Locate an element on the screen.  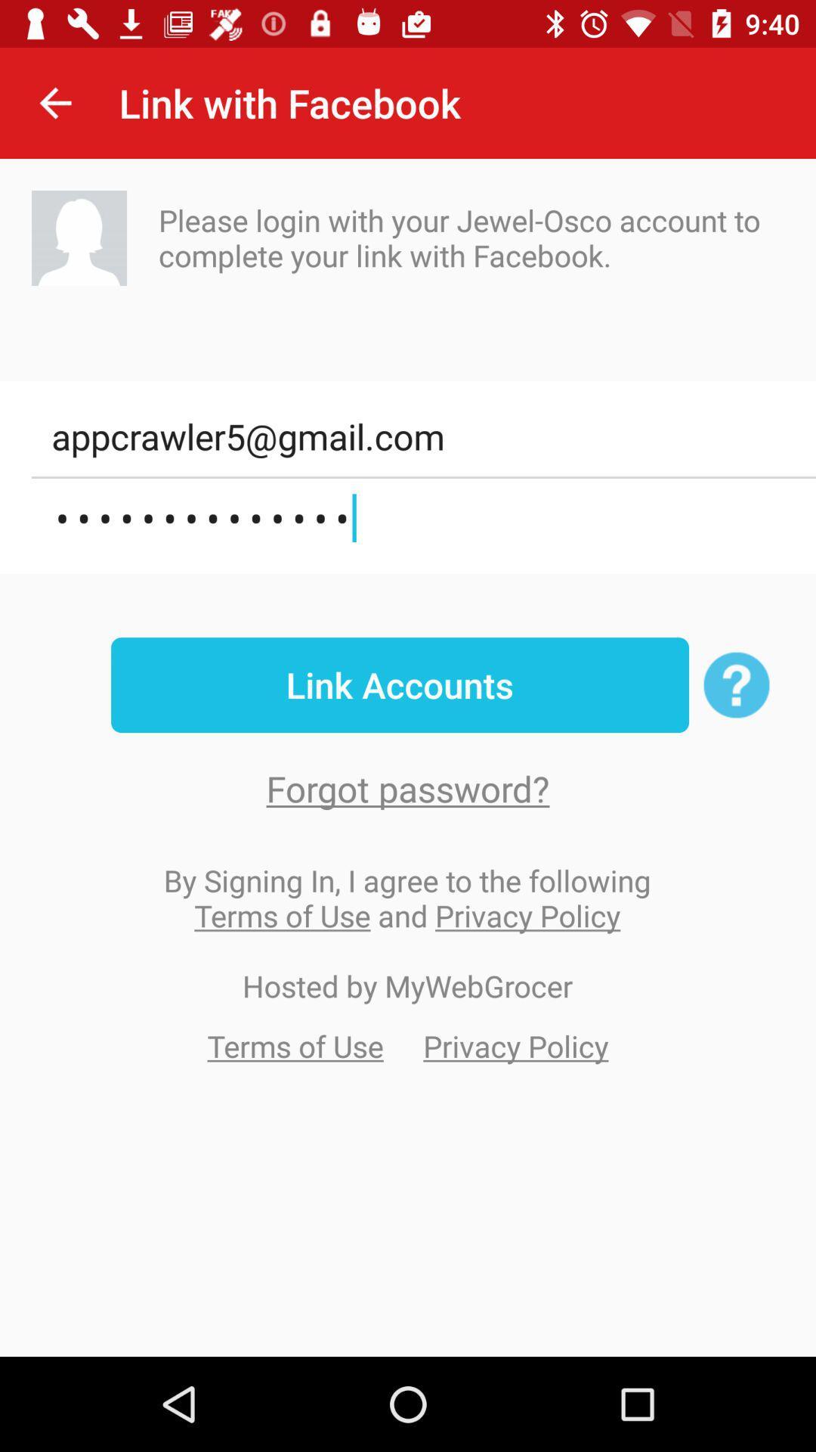
item above by signing in item is located at coordinates (408, 787).